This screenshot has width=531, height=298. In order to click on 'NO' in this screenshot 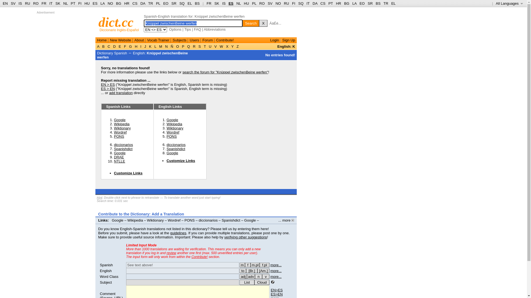, I will do `click(278, 3)`.